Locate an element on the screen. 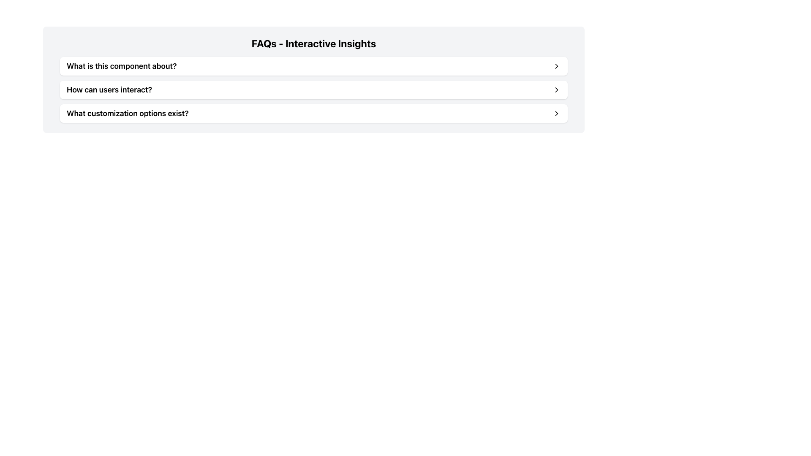 The image size is (811, 456). the navigational arrow icon located on the far right side of the row labeled 'How can users interact?' is located at coordinates (557, 90).